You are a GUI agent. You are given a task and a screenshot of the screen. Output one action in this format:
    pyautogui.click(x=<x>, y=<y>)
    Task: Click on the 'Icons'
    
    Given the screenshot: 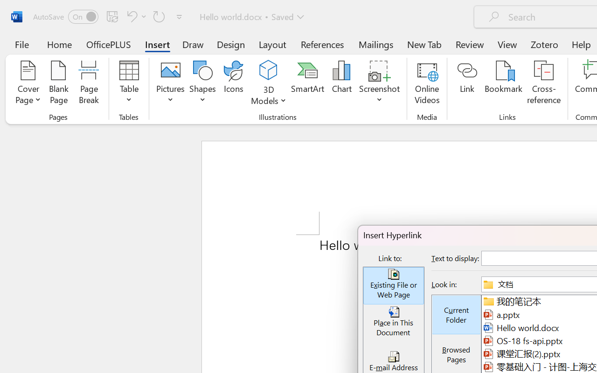 What is the action you would take?
    pyautogui.click(x=234, y=83)
    